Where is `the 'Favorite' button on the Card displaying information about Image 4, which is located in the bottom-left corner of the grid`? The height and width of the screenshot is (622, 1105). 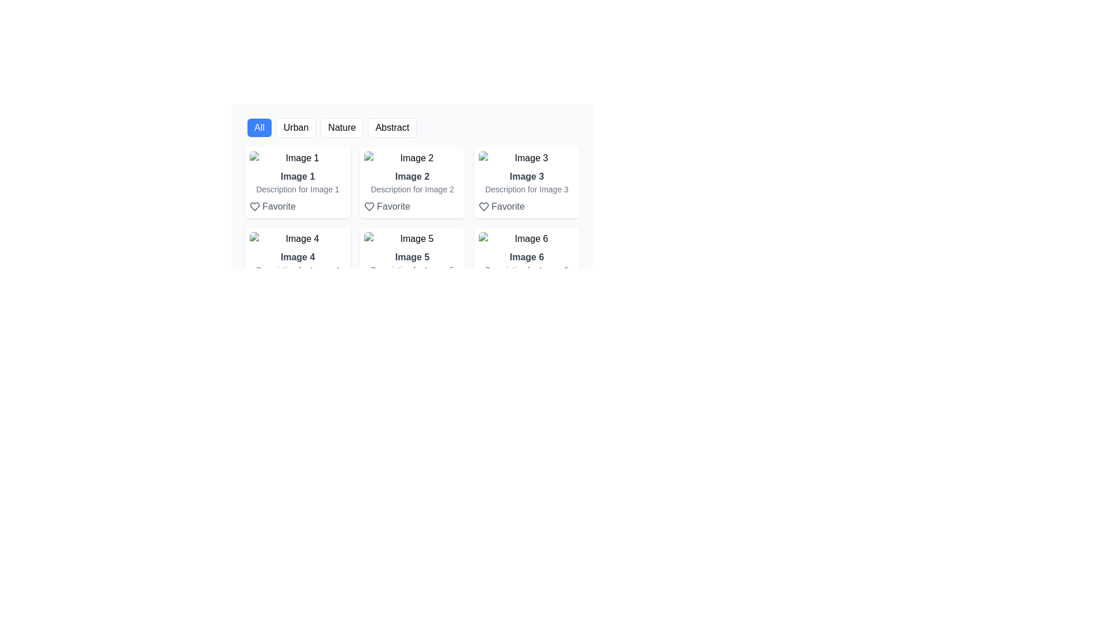 the 'Favorite' button on the Card displaying information about Image 4, which is located in the bottom-left corner of the grid is located at coordinates (298, 272).